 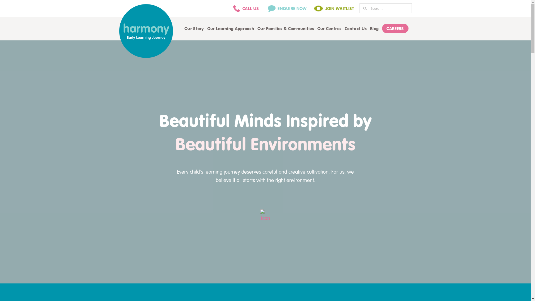 I want to click on 'Our Families & Communities', so click(x=286, y=28).